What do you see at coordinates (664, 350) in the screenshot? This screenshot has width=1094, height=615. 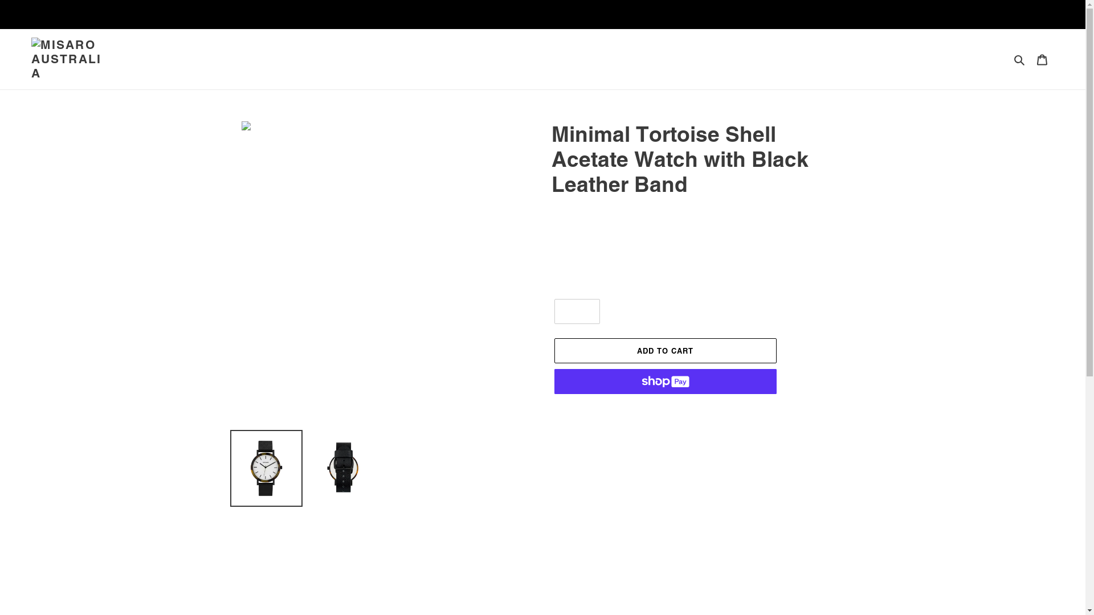 I see `'ADD TO CART'` at bounding box center [664, 350].